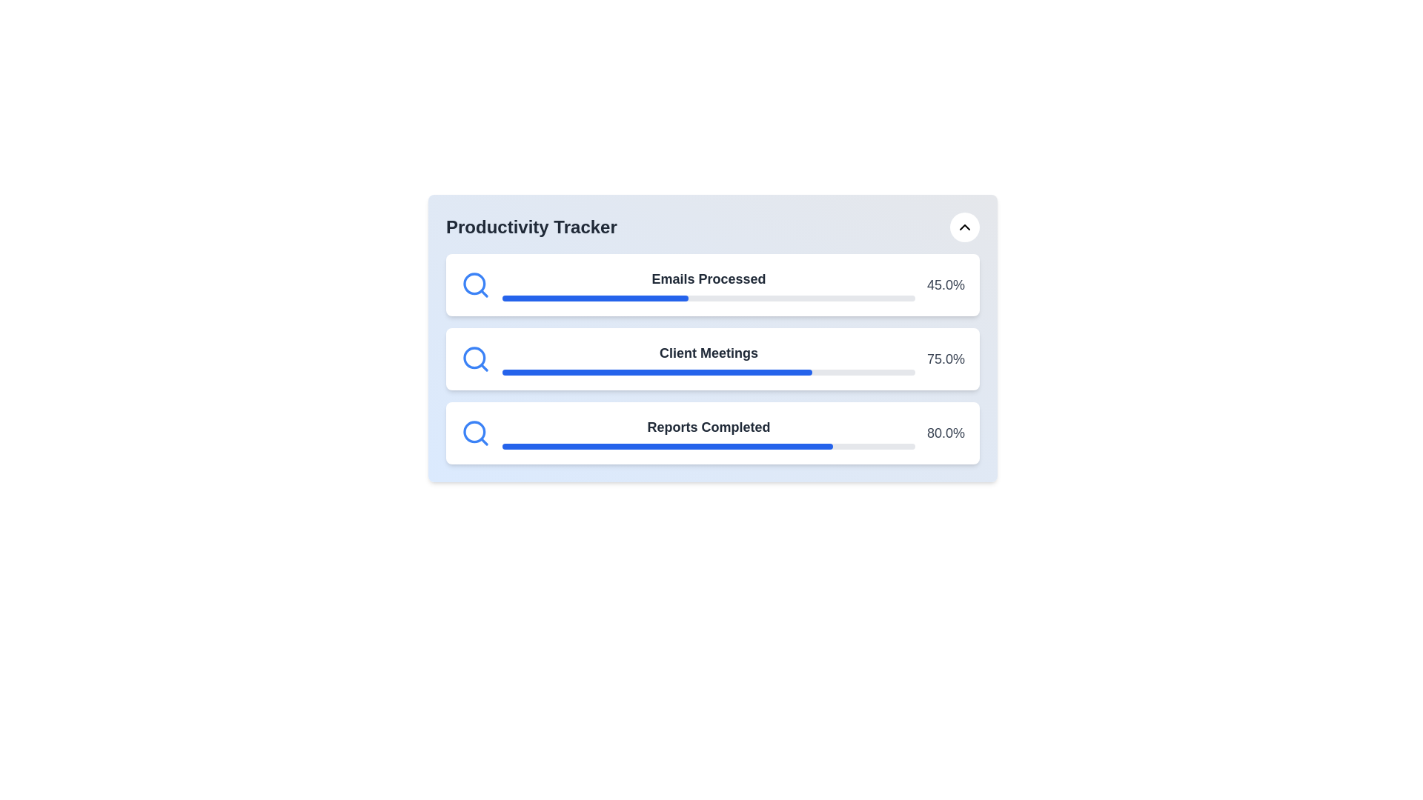 The width and height of the screenshot is (1423, 800). What do you see at coordinates (945, 359) in the screenshot?
I see `the textual indicator displaying '75.0%' in the 'Client Meetings' section` at bounding box center [945, 359].